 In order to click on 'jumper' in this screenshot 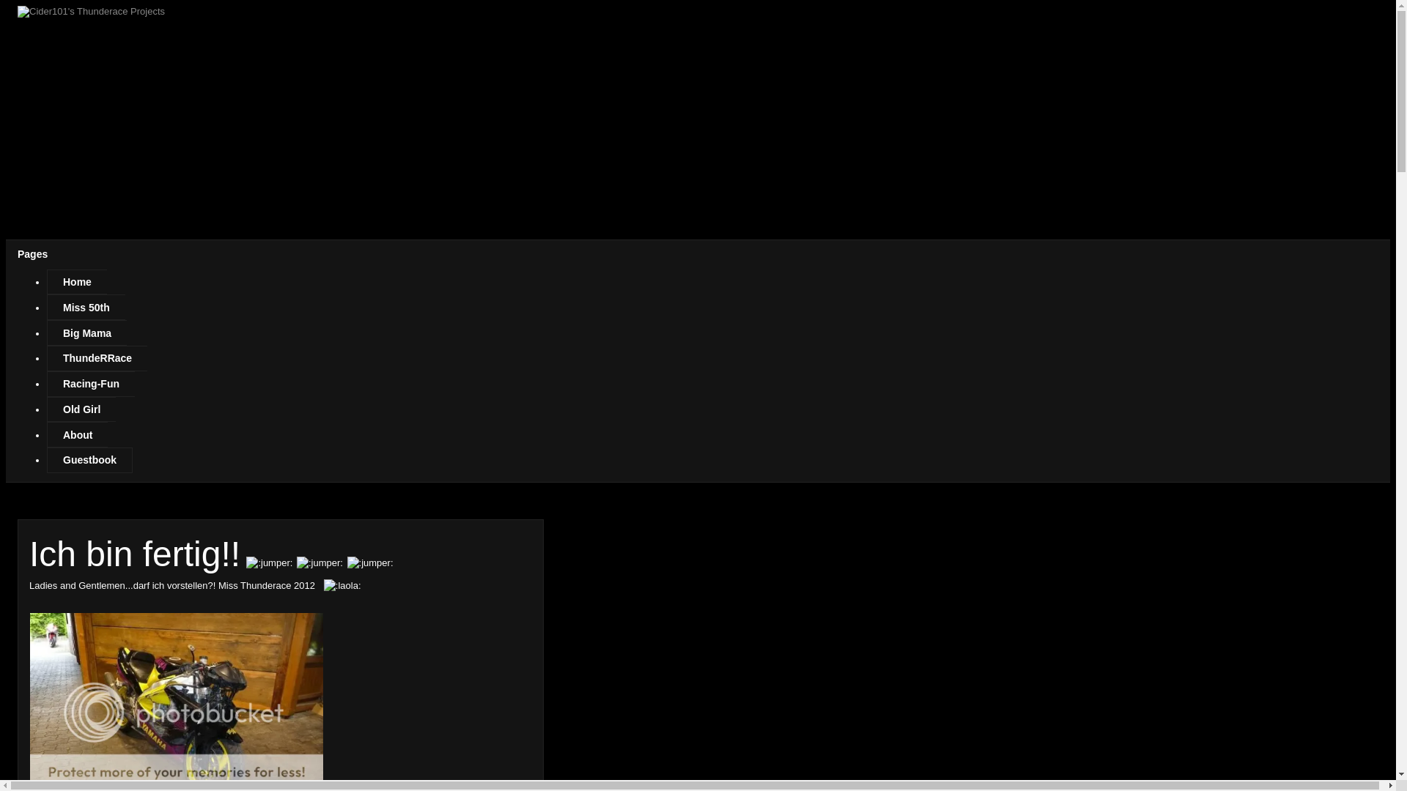, I will do `click(319, 562)`.